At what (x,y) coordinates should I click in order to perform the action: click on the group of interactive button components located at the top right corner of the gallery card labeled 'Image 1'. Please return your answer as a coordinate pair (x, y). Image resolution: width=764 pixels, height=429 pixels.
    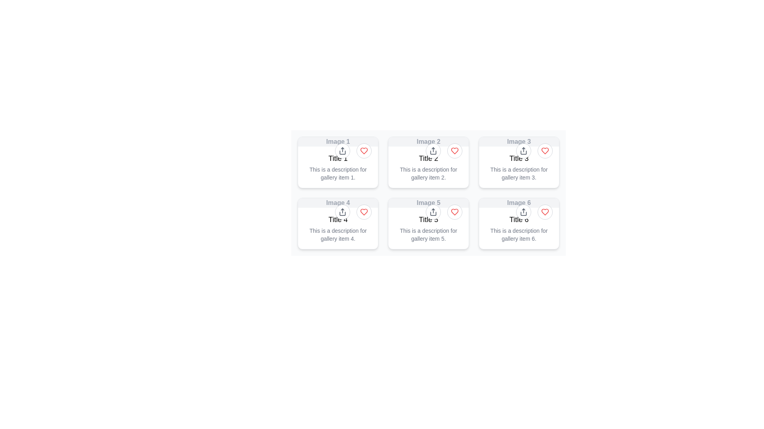
    Looking at the image, I should click on (353, 151).